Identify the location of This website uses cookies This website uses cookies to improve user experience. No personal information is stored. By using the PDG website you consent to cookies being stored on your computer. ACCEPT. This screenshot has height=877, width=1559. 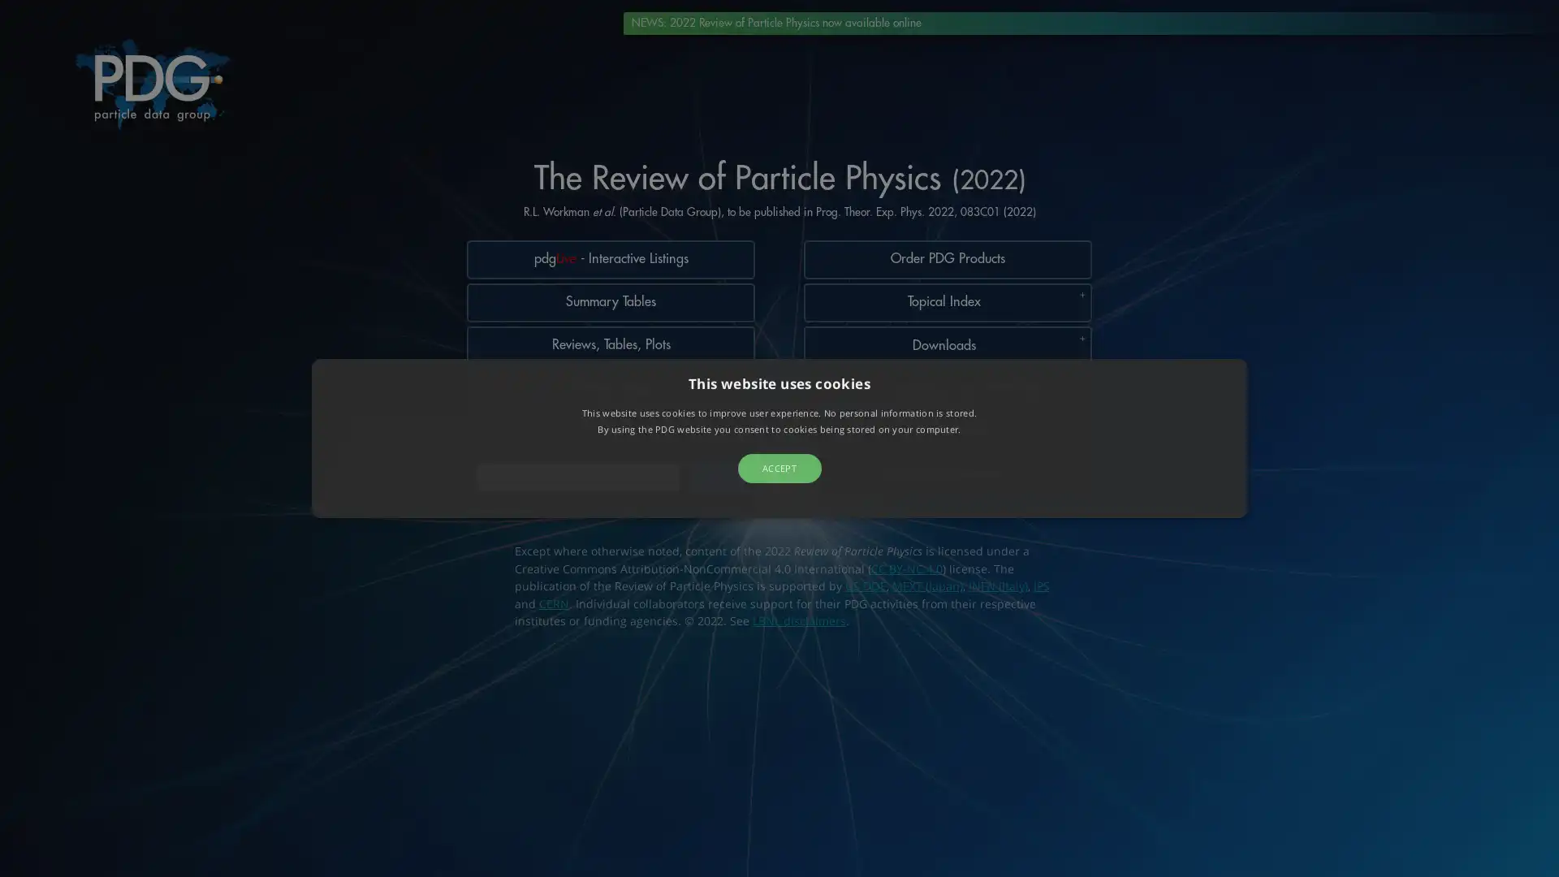
(779, 437).